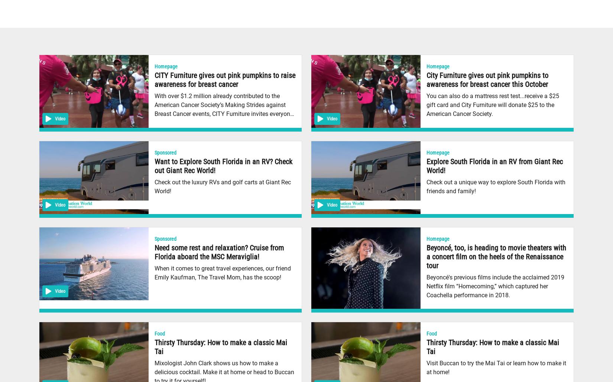  I want to click on 'Want to Explore South Florida in an RV? Check out Giant Rec World!', so click(223, 166).